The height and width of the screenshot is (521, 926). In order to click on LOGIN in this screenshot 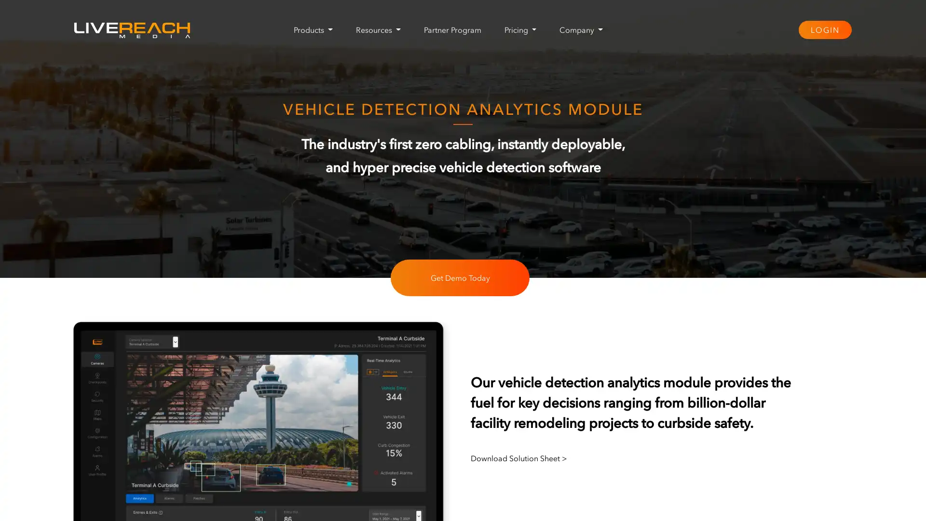, I will do `click(824, 29)`.